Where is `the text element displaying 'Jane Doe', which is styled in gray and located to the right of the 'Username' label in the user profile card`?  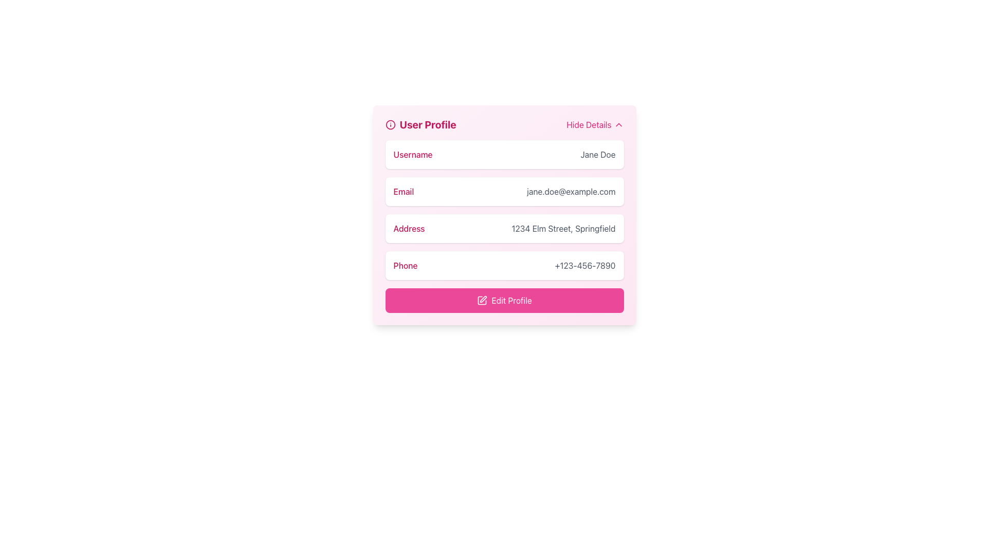
the text element displaying 'Jane Doe', which is styled in gray and located to the right of the 'Username' label in the user profile card is located at coordinates (598, 154).